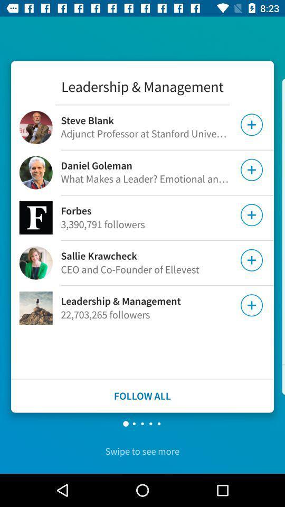 This screenshot has width=285, height=507. I want to click on follow all, so click(142, 395).